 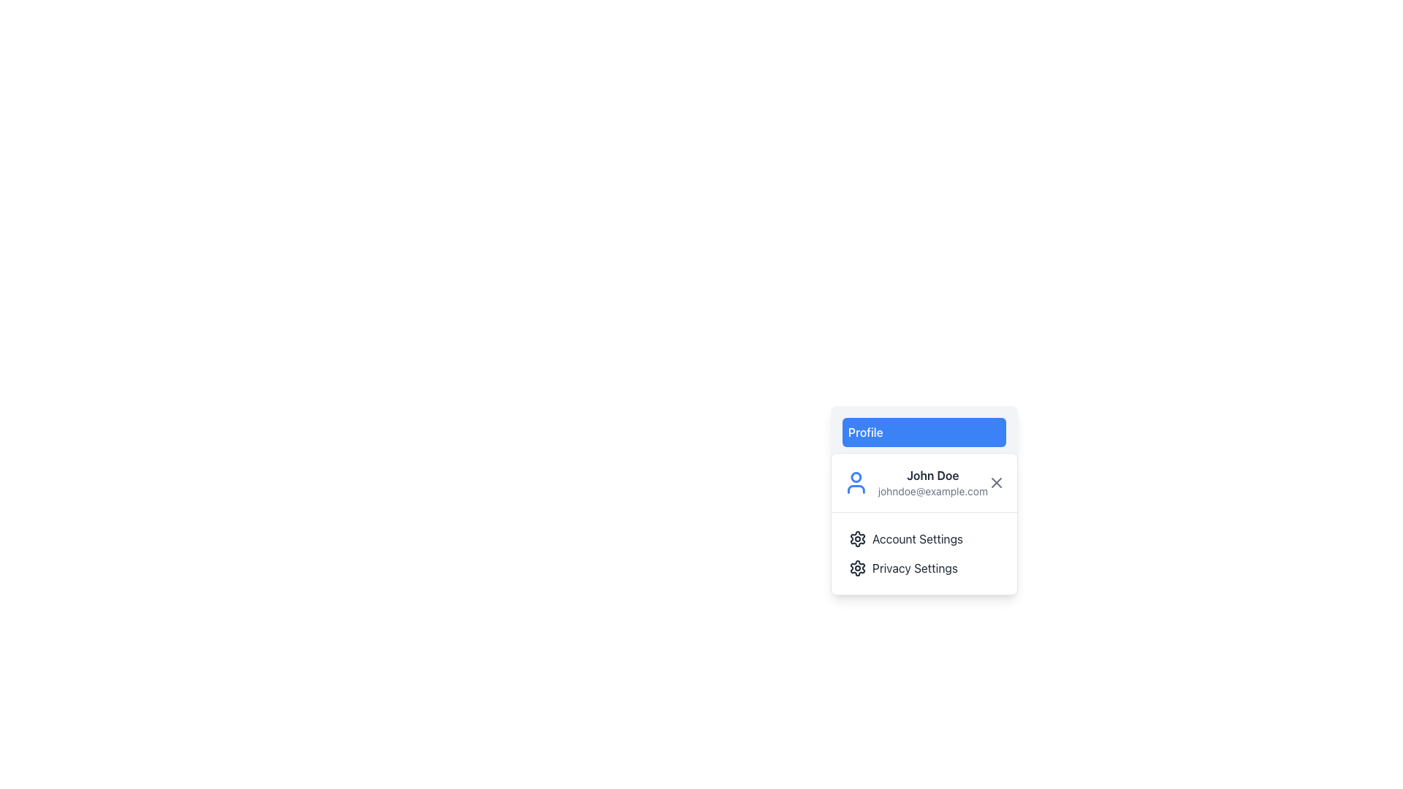 What do you see at coordinates (924, 431) in the screenshot?
I see `the button that navigates to the user profile section, located above the user details including 'John Doe' and 'johndoe@example.com', to change its appearance` at bounding box center [924, 431].